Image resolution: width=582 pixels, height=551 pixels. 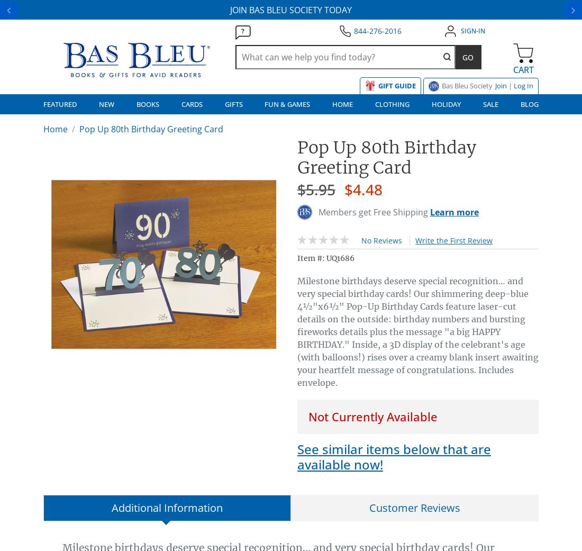 I want to click on 'Do Not Sell or Share My Info', so click(x=83, y=337).